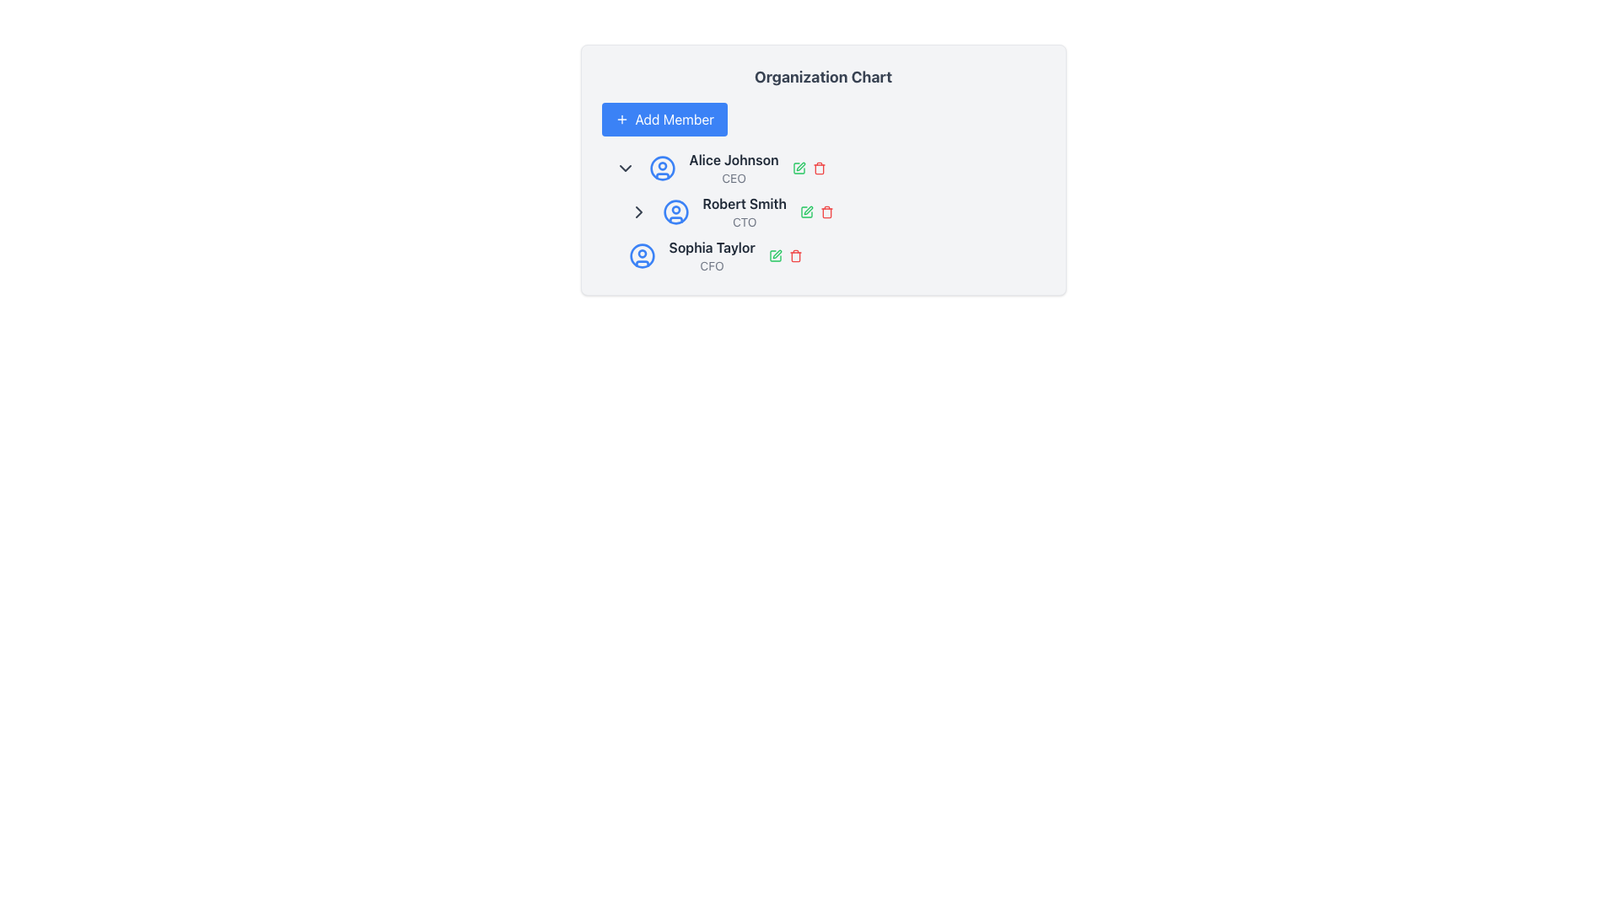  What do you see at coordinates (774, 256) in the screenshot?
I see `the small green icon resembling a pencil or pen associated with editing, located near the right-hand side of 'Robert Smith CTO'` at bounding box center [774, 256].